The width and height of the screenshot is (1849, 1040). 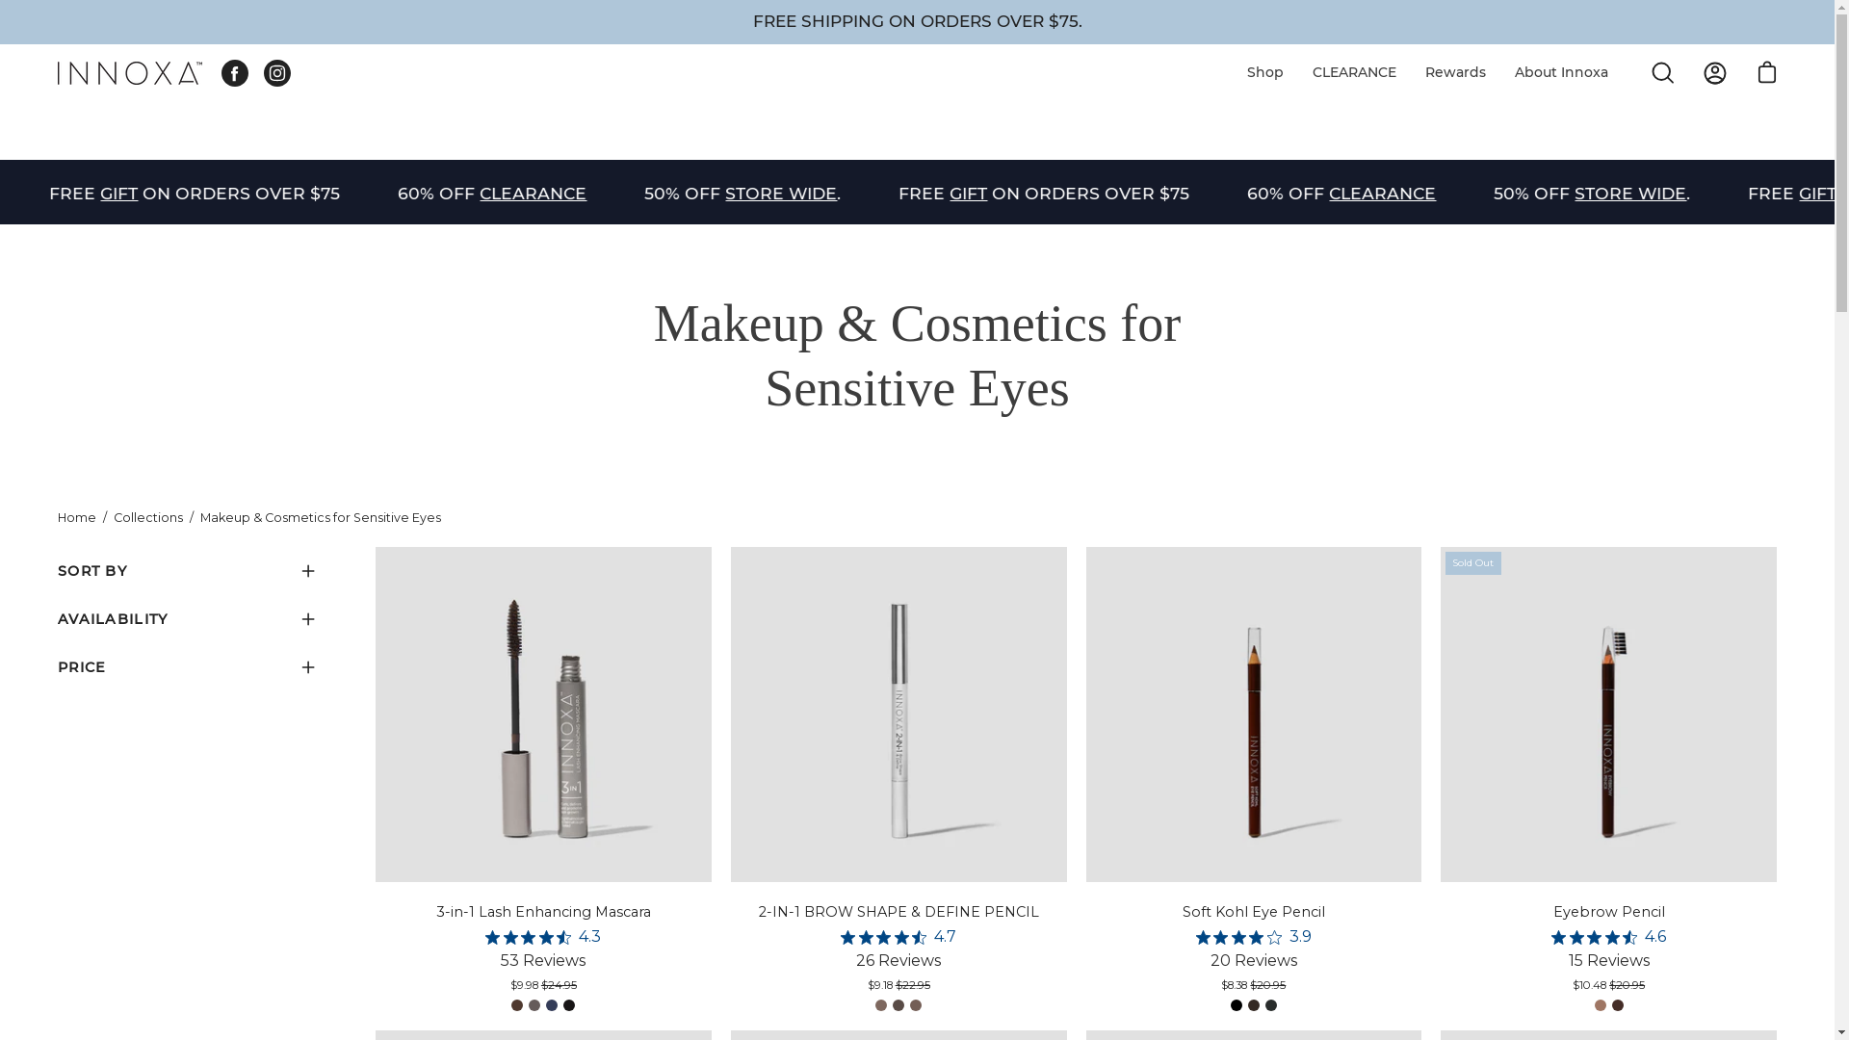 I want to click on '2-IN-1 BROW SHAPE & DEFINE PENCIL', so click(x=898, y=911).